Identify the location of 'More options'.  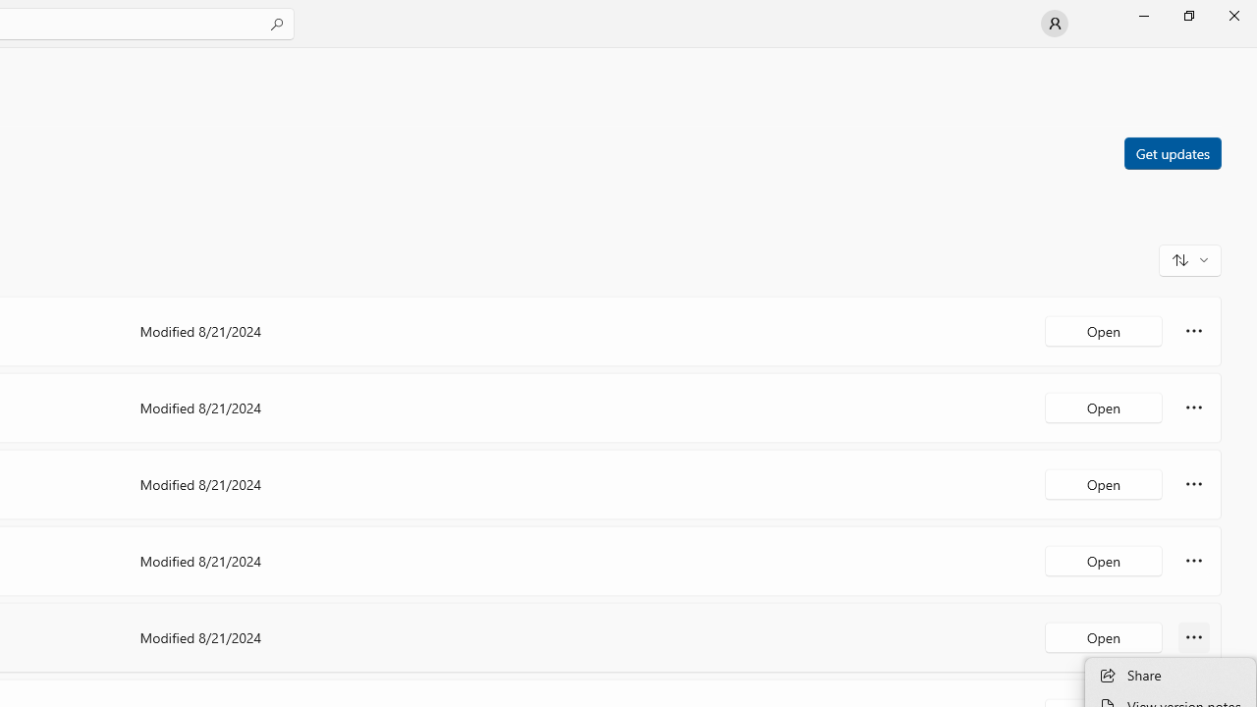
(1193, 637).